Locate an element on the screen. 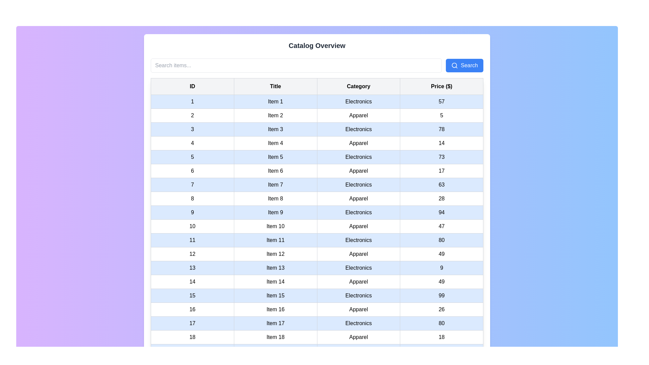 The height and width of the screenshot is (365, 649). the first cell in the last row of the table which contains the text '18', styled with padding and borders, located under the 'ID' column header is located at coordinates (192, 337).